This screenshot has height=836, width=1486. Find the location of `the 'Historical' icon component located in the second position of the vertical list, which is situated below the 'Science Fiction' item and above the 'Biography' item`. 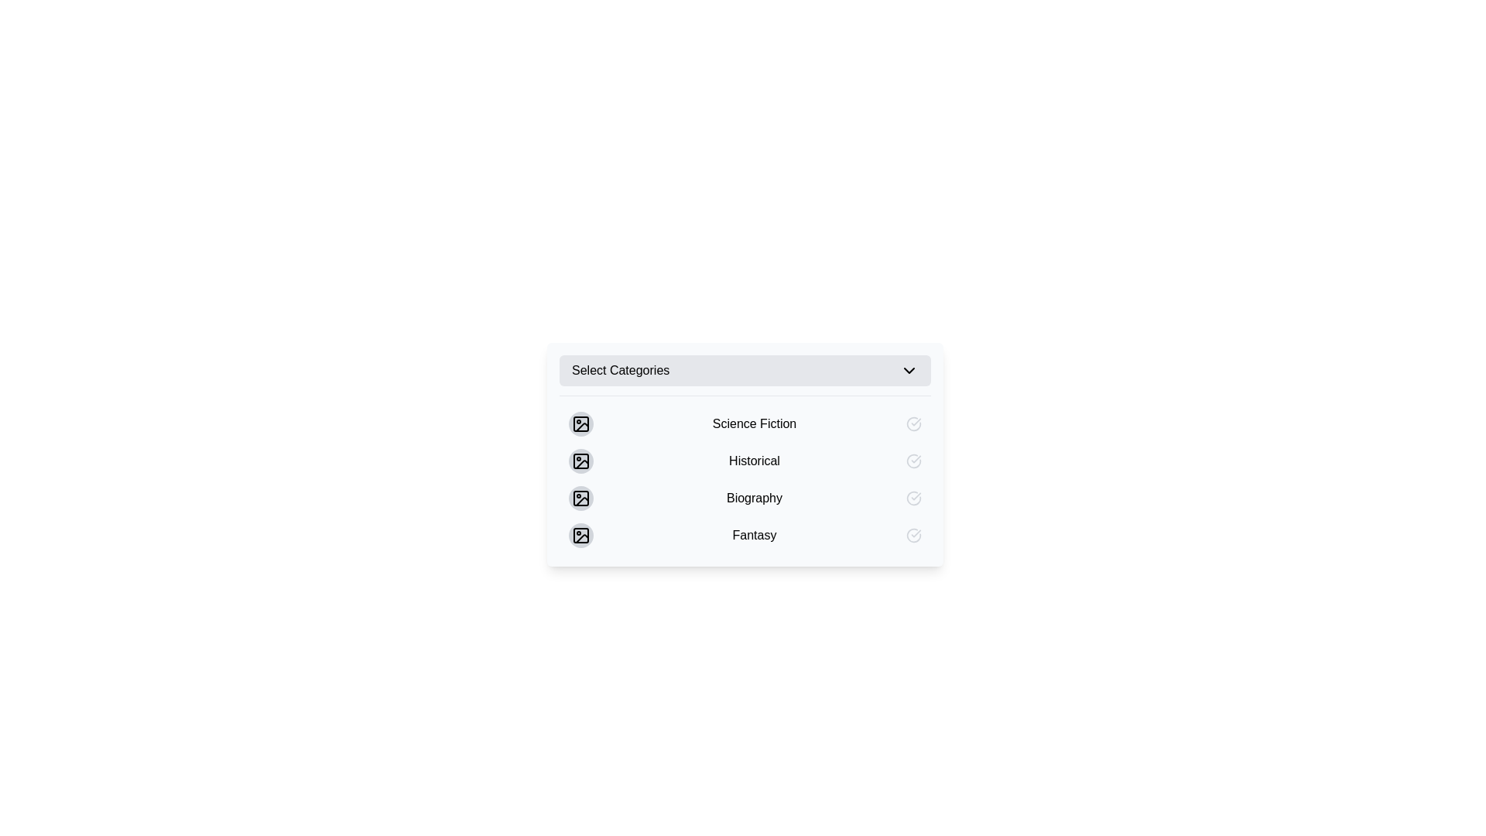

the 'Historical' icon component located in the second position of the vertical list, which is situated below the 'Science Fiction' item and above the 'Biography' item is located at coordinates (580, 461).